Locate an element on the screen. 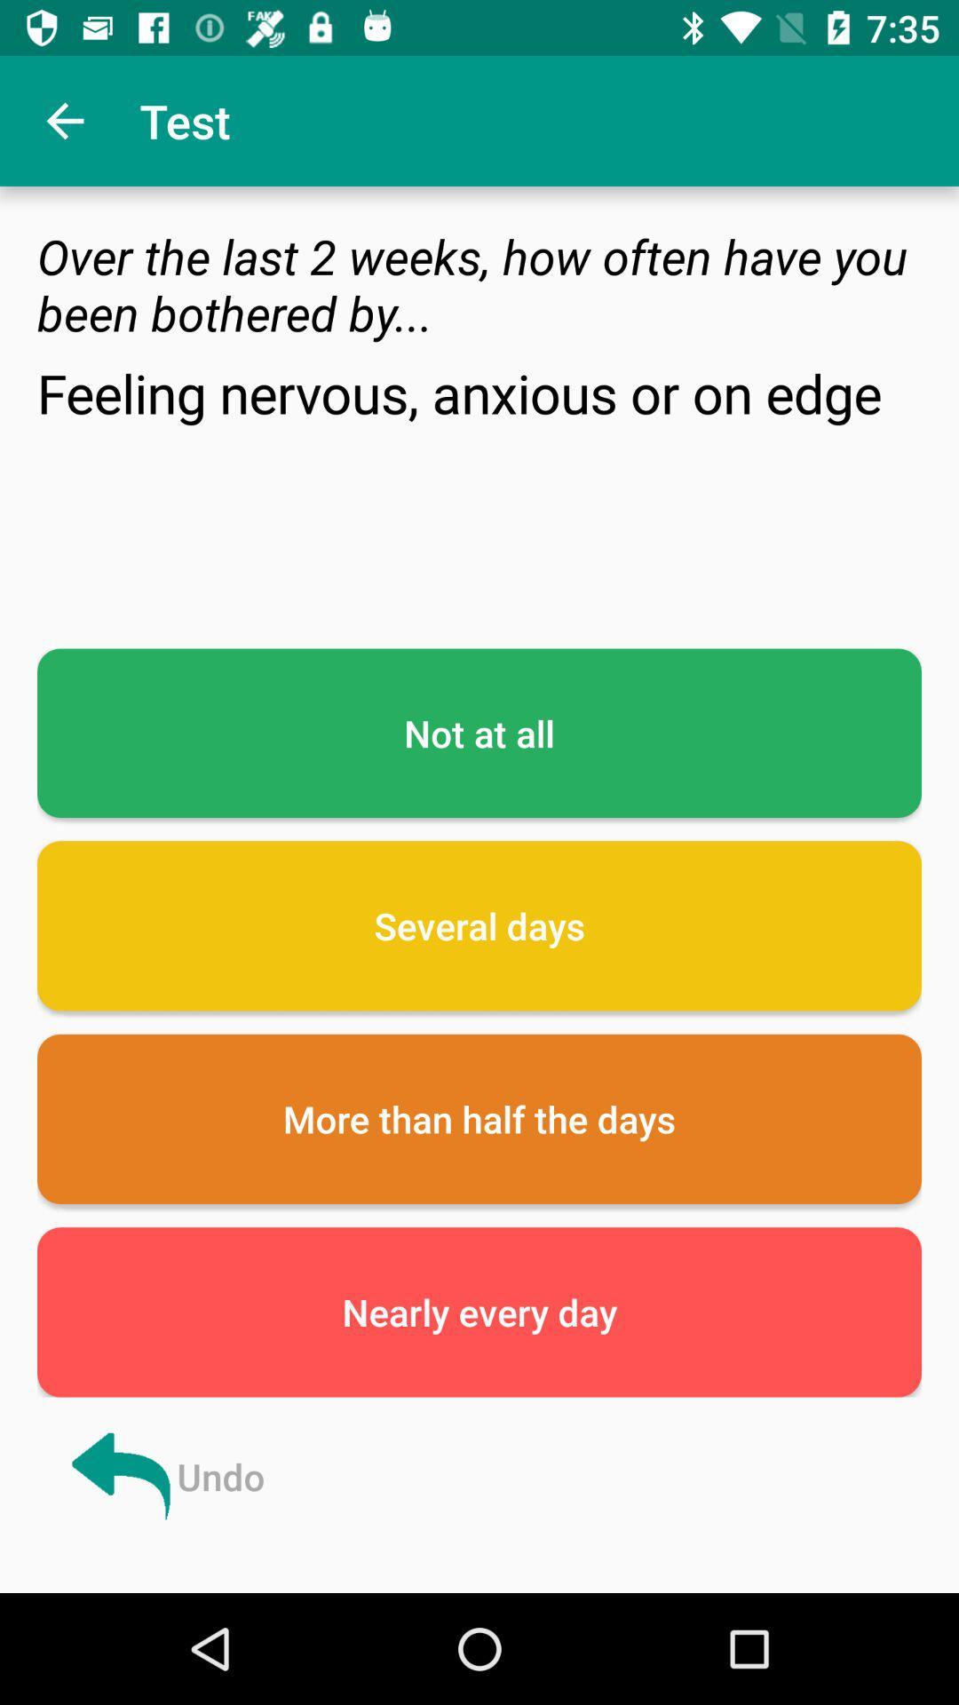  more than half icon is located at coordinates (479, 1118).